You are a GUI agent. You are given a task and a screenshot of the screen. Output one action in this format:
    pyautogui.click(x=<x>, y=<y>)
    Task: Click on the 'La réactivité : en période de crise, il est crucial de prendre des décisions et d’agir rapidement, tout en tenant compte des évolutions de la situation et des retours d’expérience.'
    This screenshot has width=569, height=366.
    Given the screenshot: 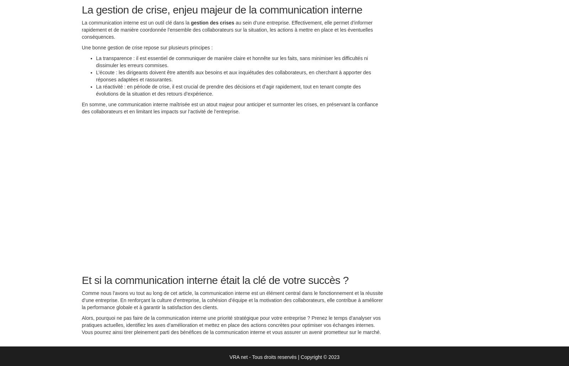 What is the action you would take?
    pyautogui.click(x=228, y=92)
    